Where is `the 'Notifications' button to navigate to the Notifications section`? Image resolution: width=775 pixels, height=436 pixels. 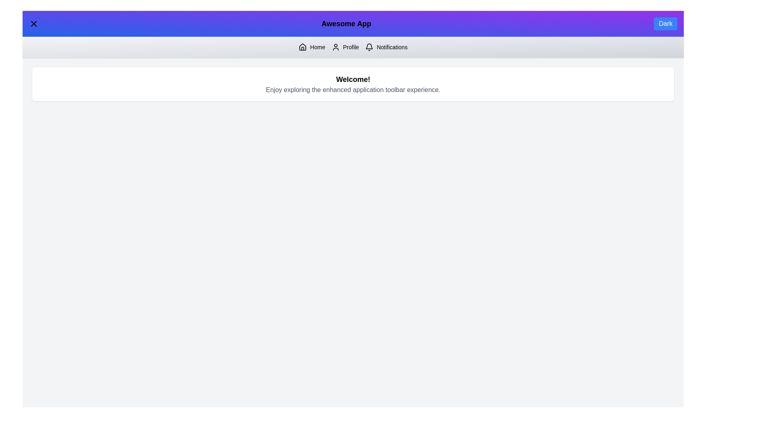
the 'Notifications' button to navigate to the Notifications section is located at coordinates (385, 47).